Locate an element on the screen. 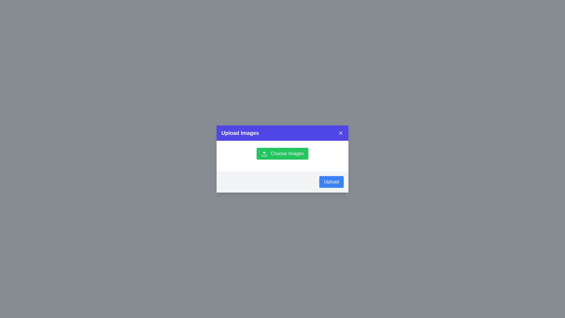 The height and width of the screenshot is (318, 565). the 'Choose Images' button to open the file selector is located at coordinates (282, 153).